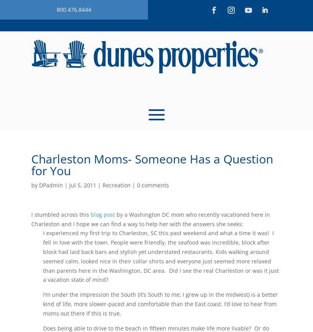 This screenshot has width=313, height=332. Describe the element at coordinates (31, 214) in the screenshot. I see `'I stumbled across this'` at that location.